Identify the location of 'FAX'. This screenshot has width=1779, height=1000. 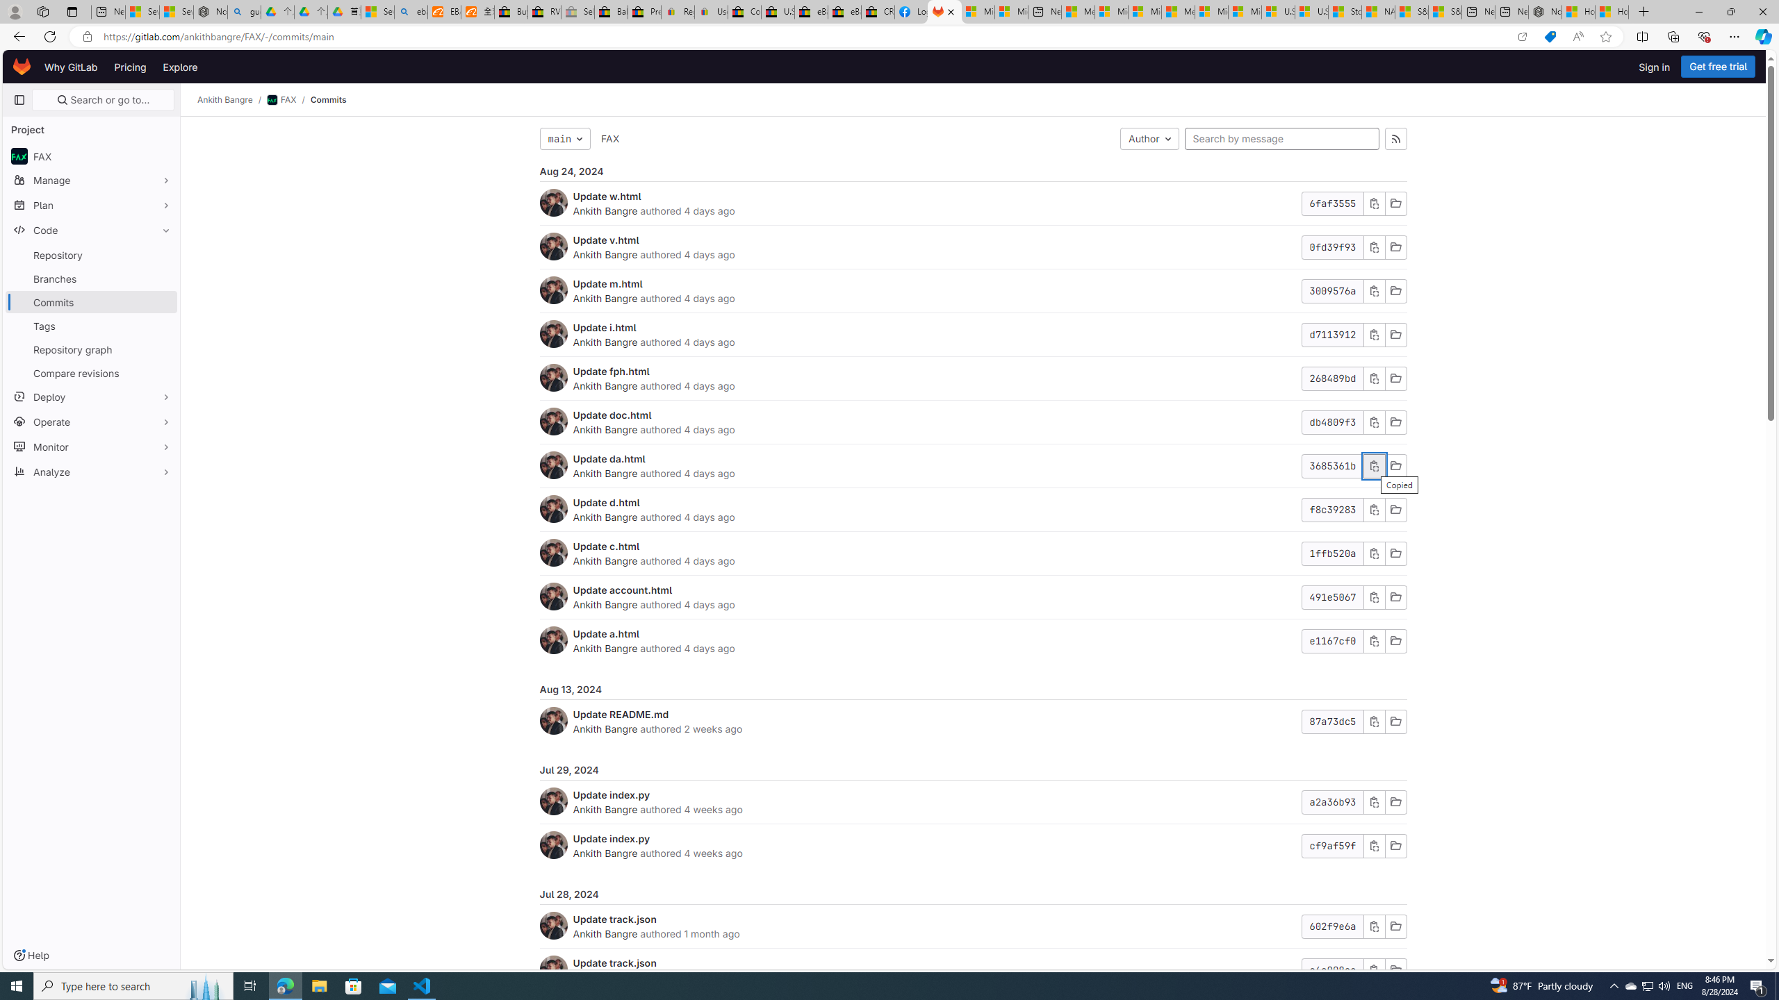
(609, 138).